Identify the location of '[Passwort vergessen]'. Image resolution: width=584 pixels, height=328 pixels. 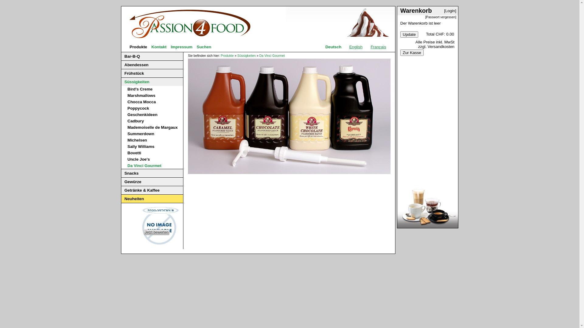
(442, 15).